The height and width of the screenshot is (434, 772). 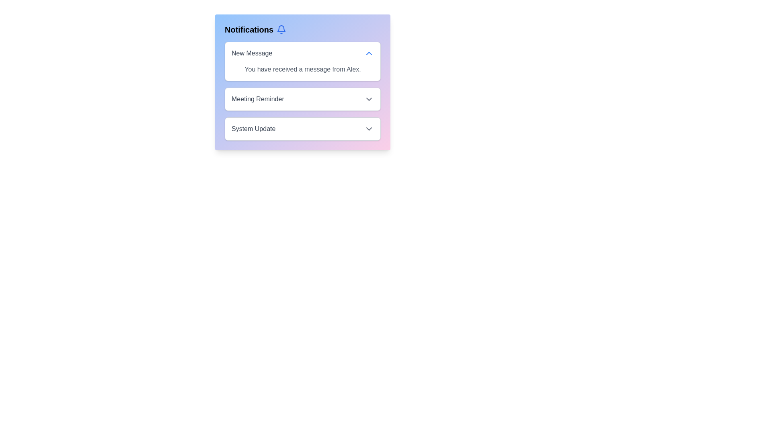 I want to click on text of the notifications within the notification section styled with a gradient blue-to-pink background, containing the title 'Notifications' and the first notification titled 'New Message', so click(x=302, y=82).